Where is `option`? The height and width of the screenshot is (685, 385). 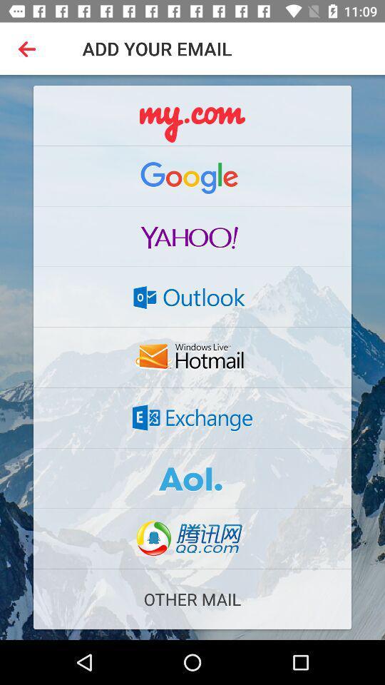 option is located at coordinates (192, 357).